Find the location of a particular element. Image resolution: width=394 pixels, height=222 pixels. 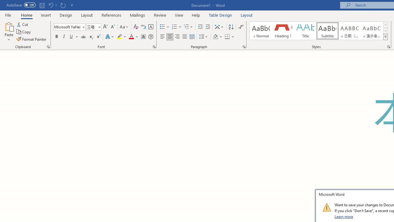

'Character Shading' is located at coordinates (143, 37).